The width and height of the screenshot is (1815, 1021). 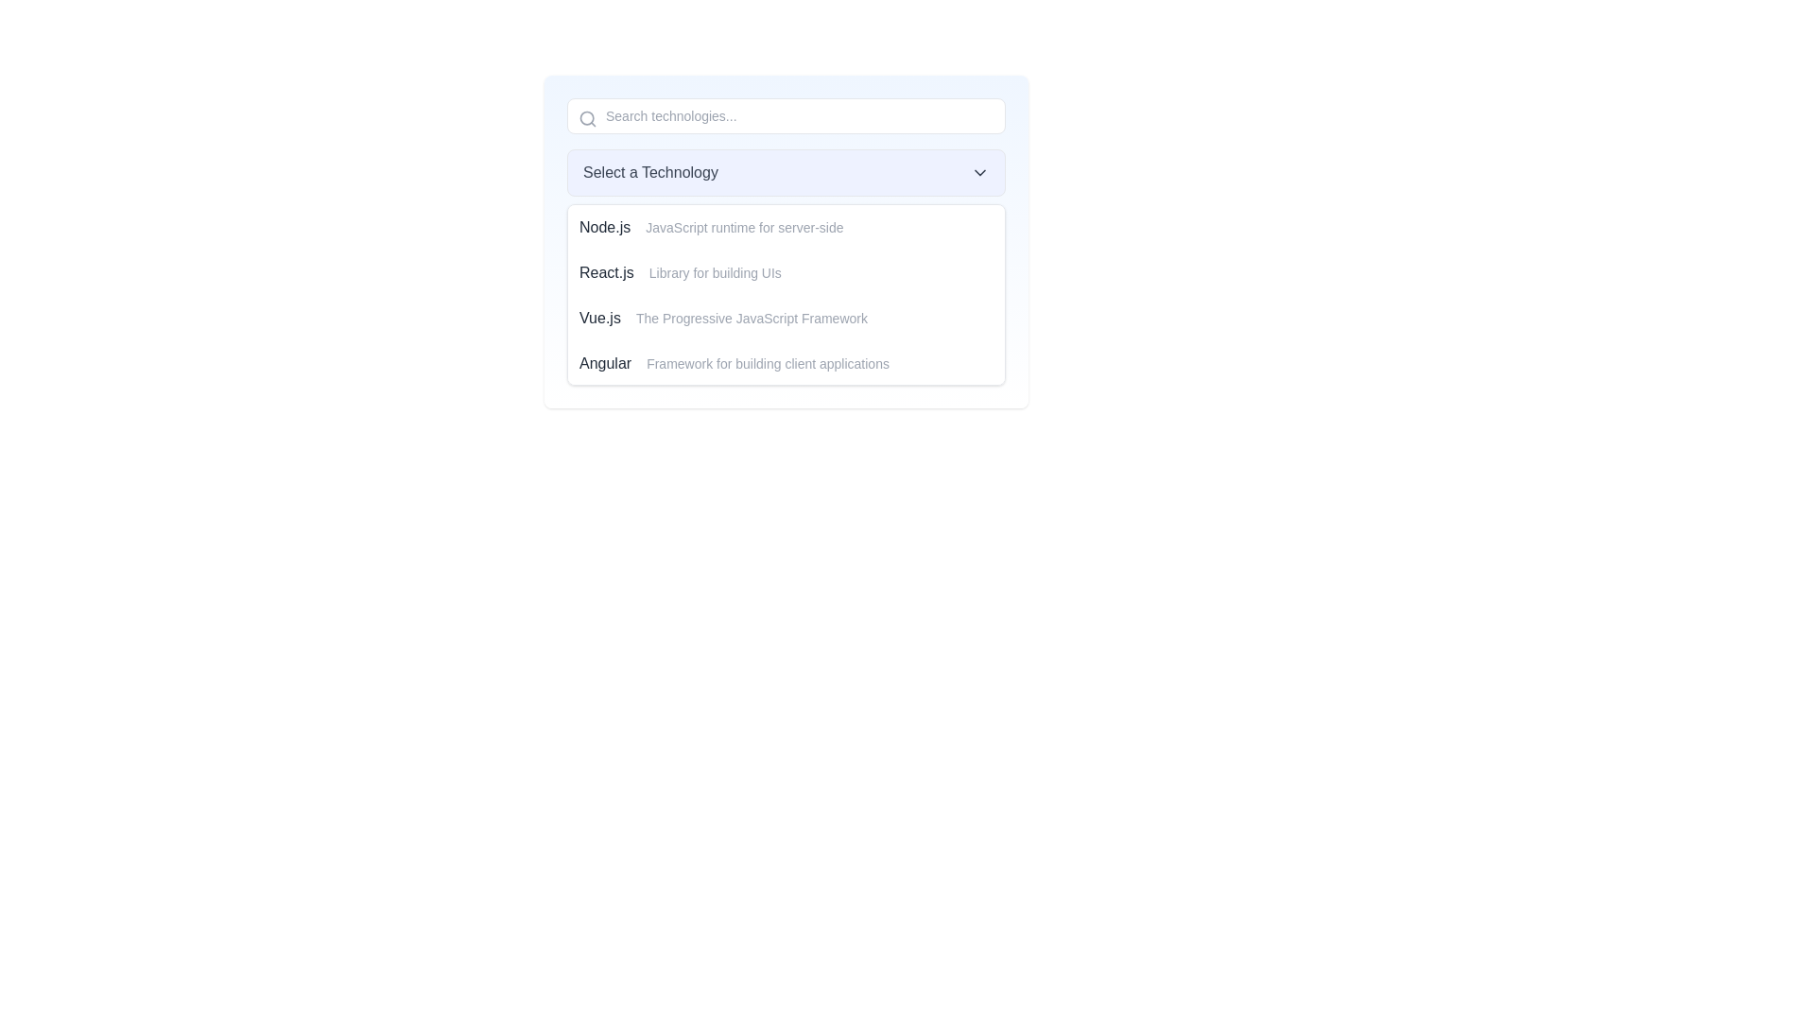 What do you see at coordinates (979, 172) in the screenshot?
I see `the dropdown menu icon located on the far right of the 'Select a Technology' button to potentially view a tooltip` at bounding box center [979, 172].